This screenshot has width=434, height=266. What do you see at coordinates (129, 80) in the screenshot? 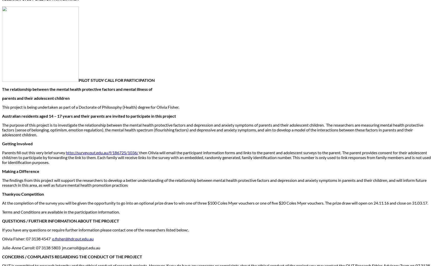
I see `'CALL FOR PARTICIPATION'` at bounding box center [129, 80].